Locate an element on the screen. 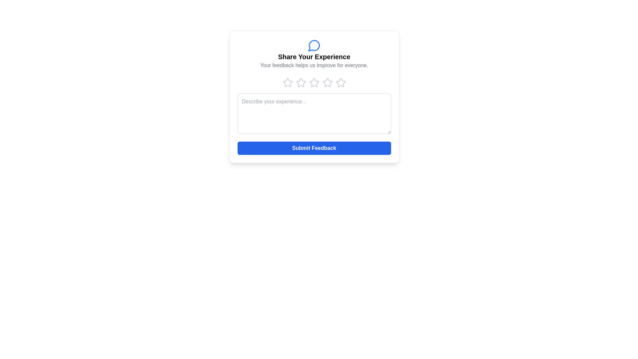  the third outlined rating star in the row of five stars below the title 'Share Your Experience' to rate is located at coordinates (314, 82).